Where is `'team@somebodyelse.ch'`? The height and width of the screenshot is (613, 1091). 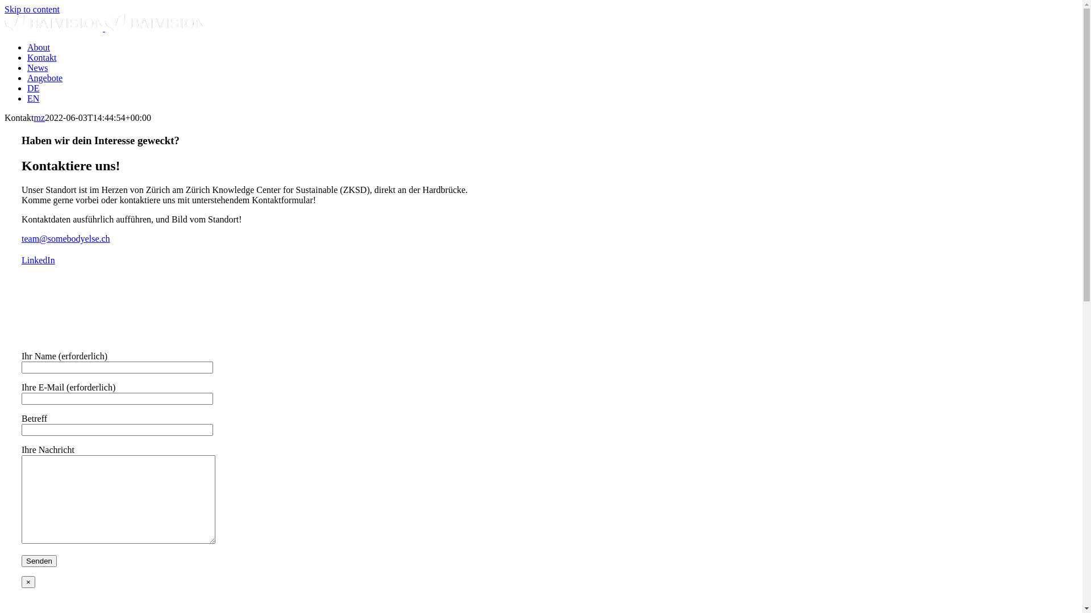 'team@somebodyelse.ch' is located at coordinates (65, 238).